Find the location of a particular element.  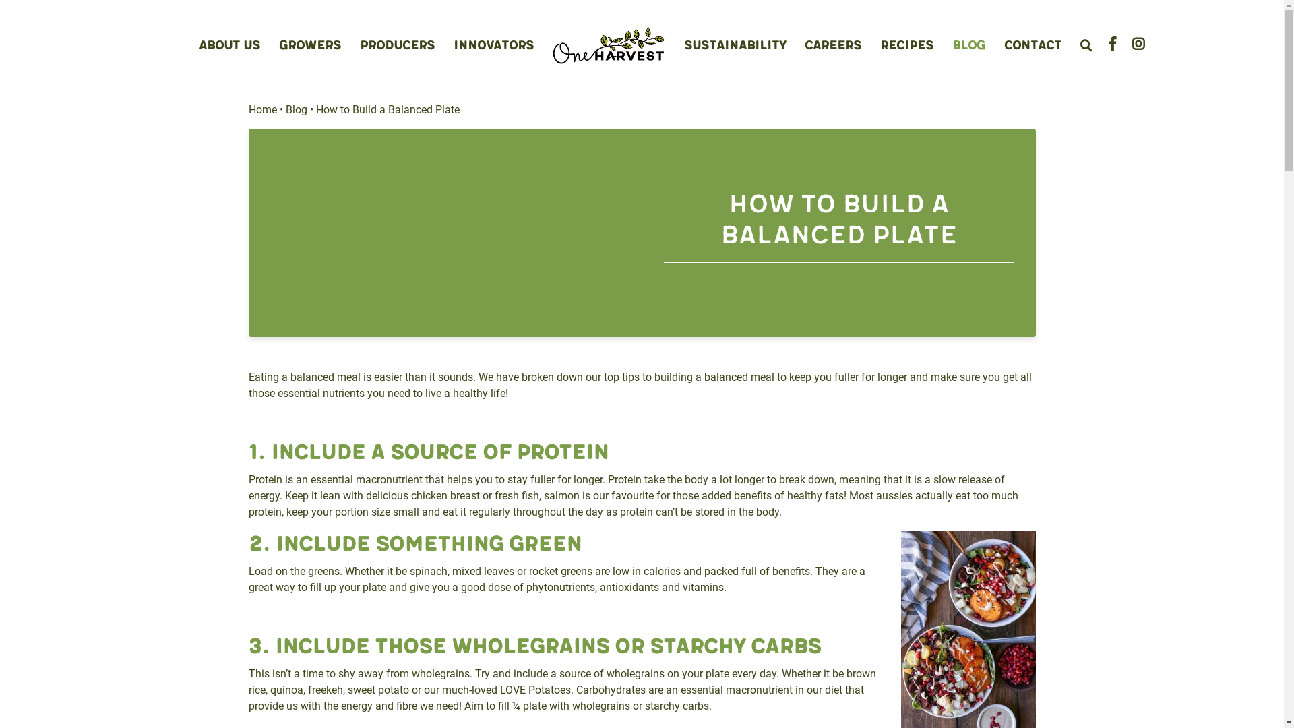

'Home' is located at coordinates (261, 109).